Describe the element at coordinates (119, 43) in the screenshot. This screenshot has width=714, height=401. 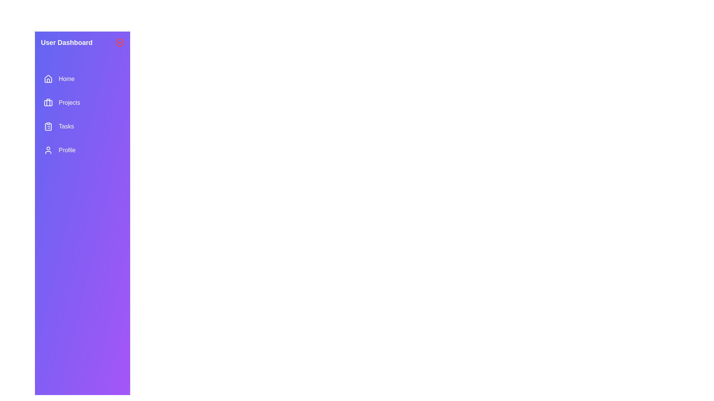
I see `properties of the SVG circle element styled with a stroke color matching the theme, containing an 'X' icon at its center, located at the top-right of the sidebar navigation area` at that location.